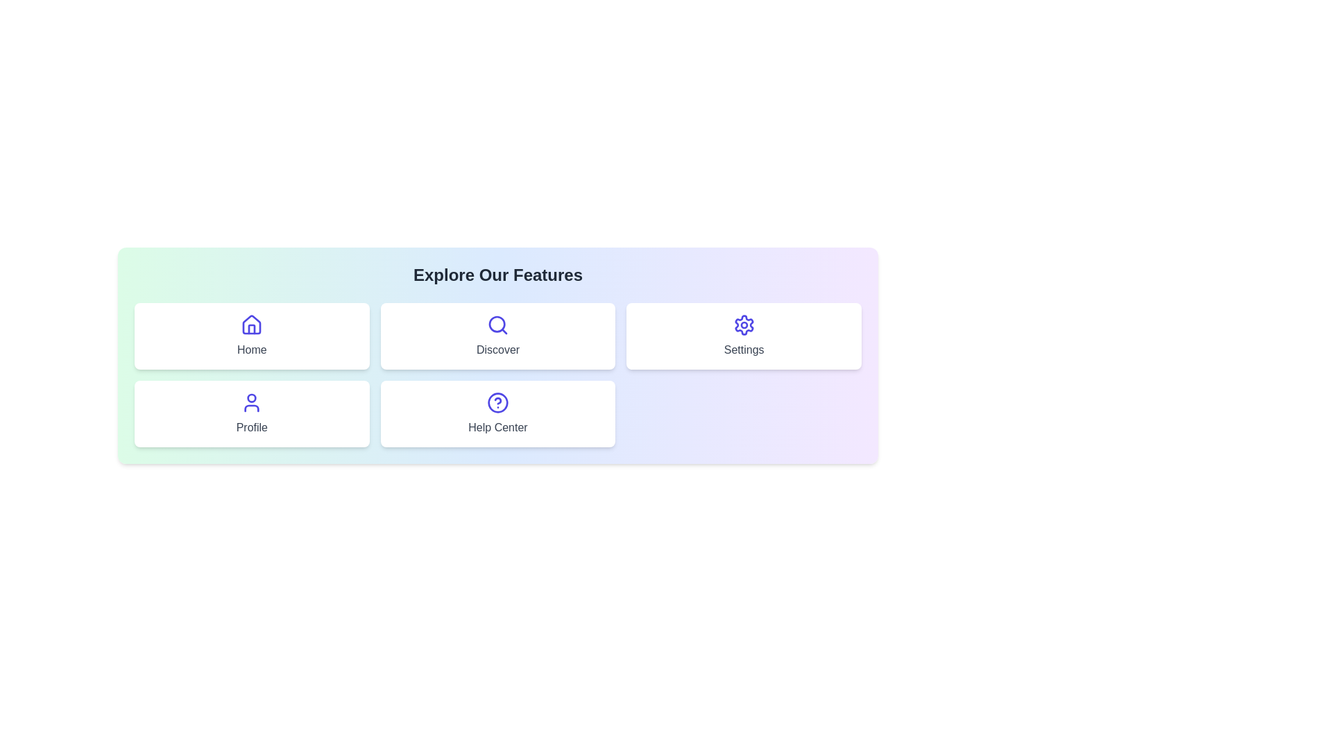 The height and width of the screenshot is (749, 1332). Describe the element at coordinates (743, 336) in the screenshot. I see `the 'Settings' button, which is a rectangular button with rounded corners, featuring a gear icon in indigo and labeled 'Settings' in gray text, located in the top row, third column of a grid` at that location.